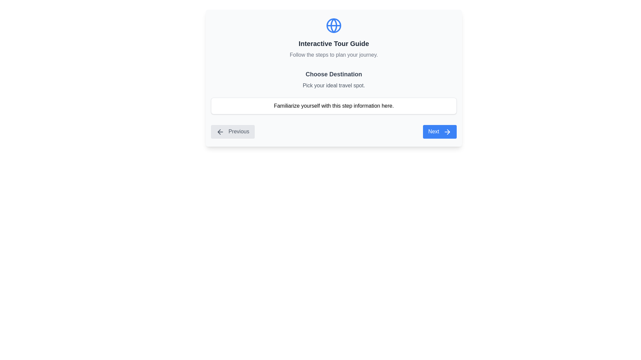 The height and width of the screenshot is (360, 641). Describe the element at coordinates (220, 131) in the screenshot. I see `the left-pointing arrow SVG icon inside the 'Previous' button located at the bottom left section of the central panel` at that location.